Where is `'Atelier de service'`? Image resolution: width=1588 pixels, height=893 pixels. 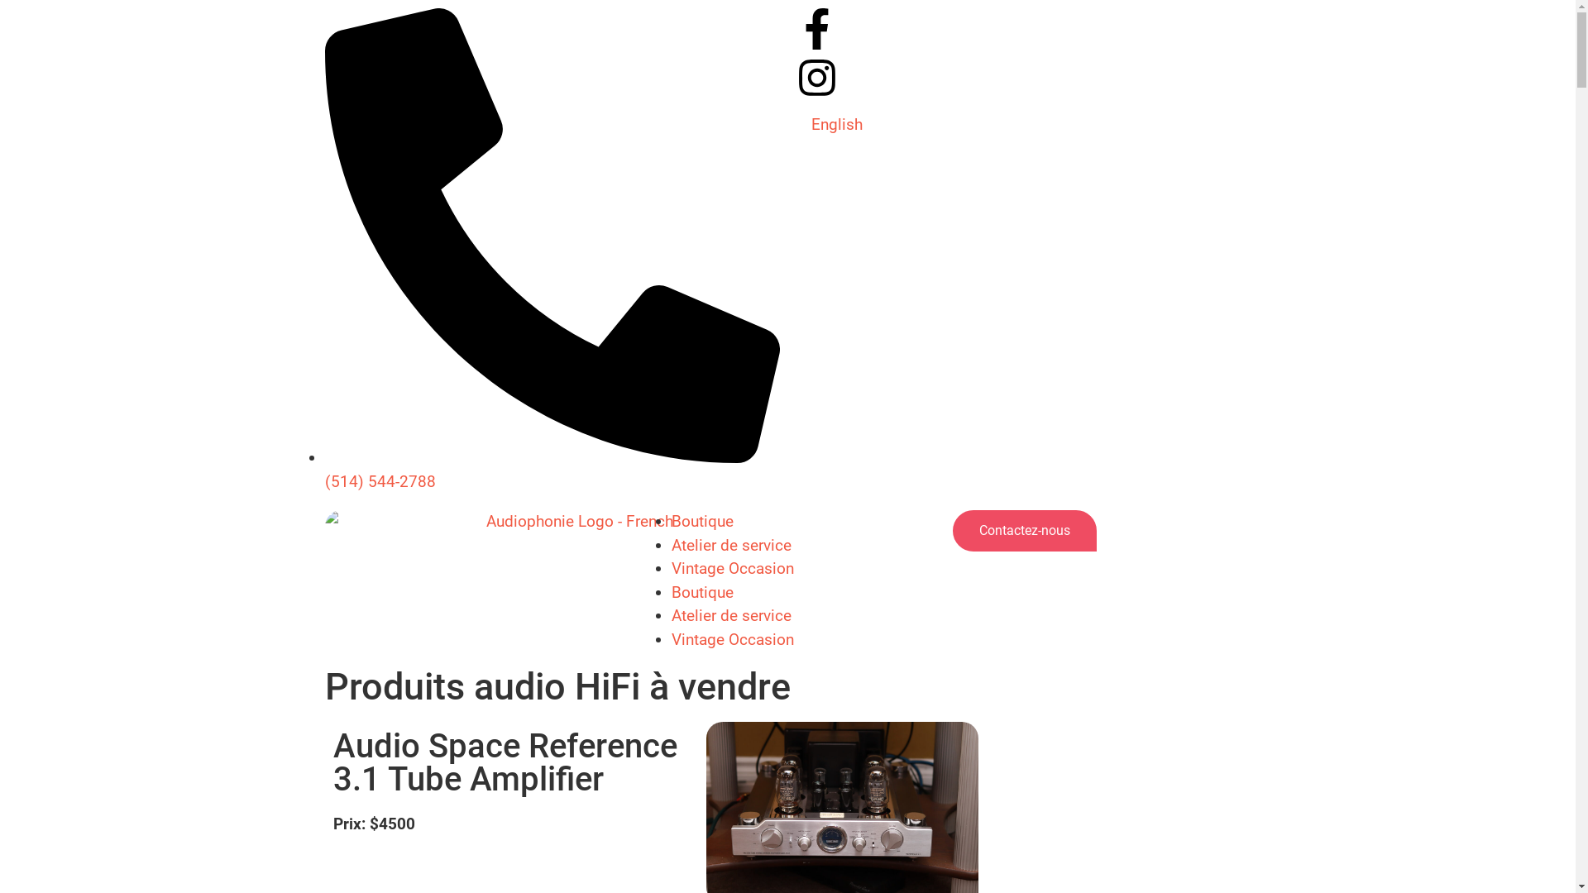
'Atelier de service' is located at coordinates (730, 615).